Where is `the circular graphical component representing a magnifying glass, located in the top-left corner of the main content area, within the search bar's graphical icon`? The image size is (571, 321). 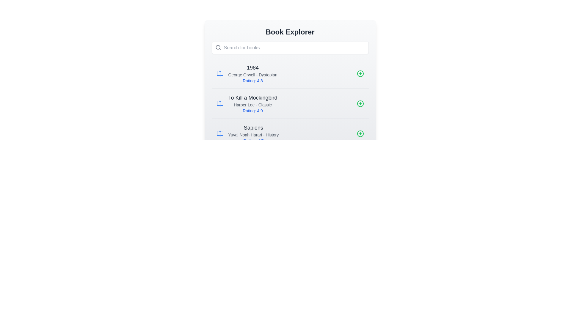 the circular graphical component representing a magnifying glass, located in the top-left corner of the main content area, within the search bar's graphical icon is located at coordinates (217, 47).